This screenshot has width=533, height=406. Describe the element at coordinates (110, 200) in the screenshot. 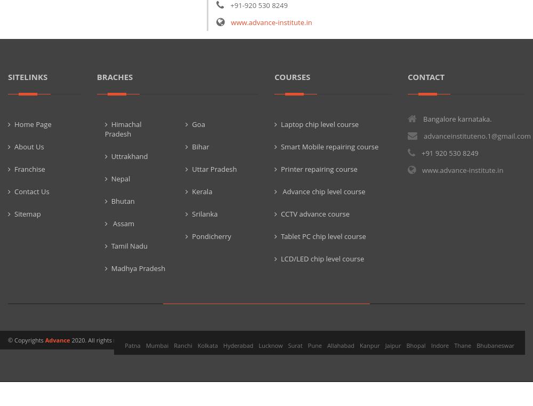

I see `'Bhutan'` at that location.